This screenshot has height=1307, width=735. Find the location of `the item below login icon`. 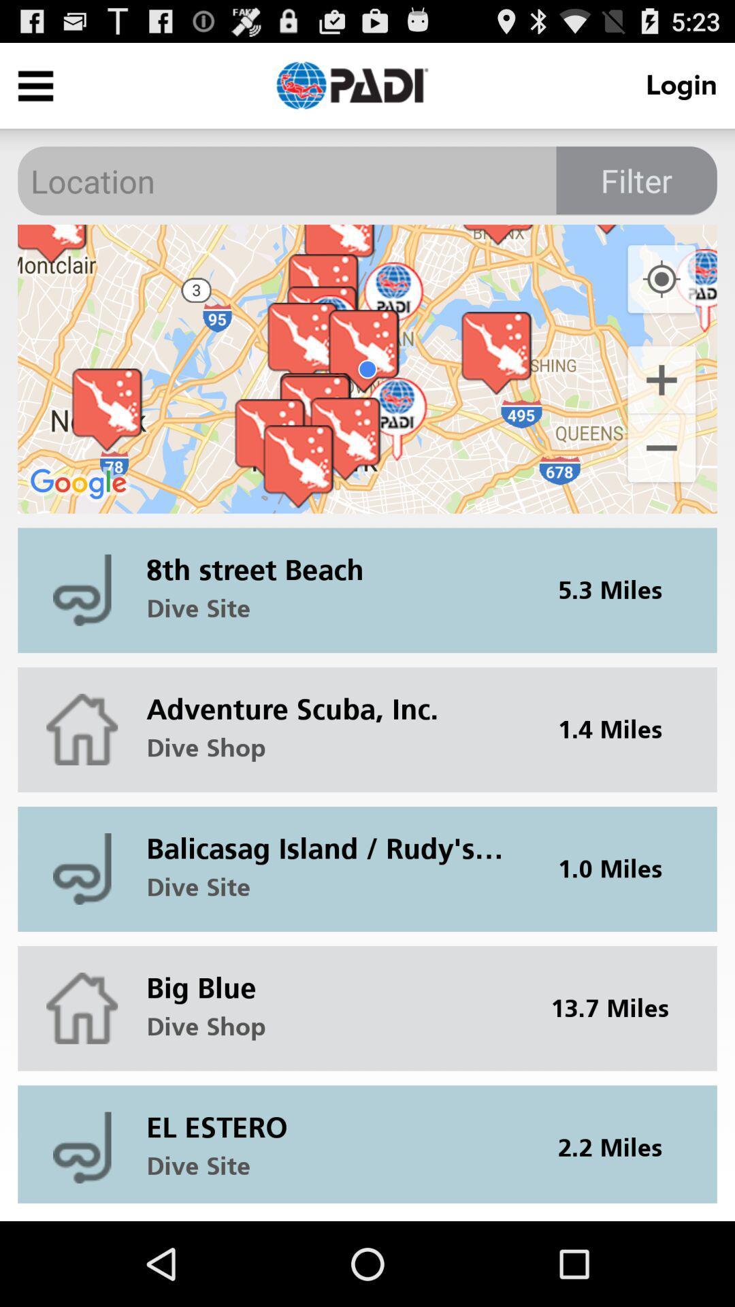

the item below login icon is located at coordinates (636, 180).